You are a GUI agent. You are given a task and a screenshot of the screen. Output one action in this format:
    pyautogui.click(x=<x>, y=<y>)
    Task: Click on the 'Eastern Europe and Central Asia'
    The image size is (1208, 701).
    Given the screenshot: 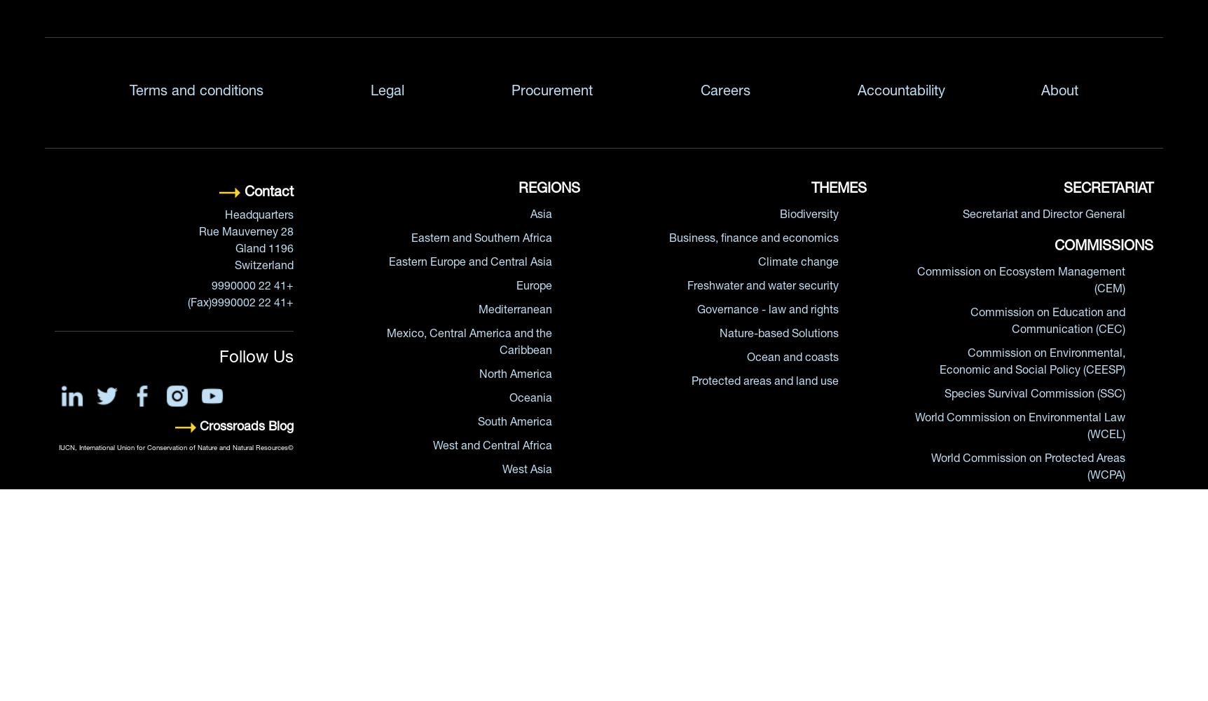 What is the action you would take?
    pyautogui.click(x=387, y=264)
    